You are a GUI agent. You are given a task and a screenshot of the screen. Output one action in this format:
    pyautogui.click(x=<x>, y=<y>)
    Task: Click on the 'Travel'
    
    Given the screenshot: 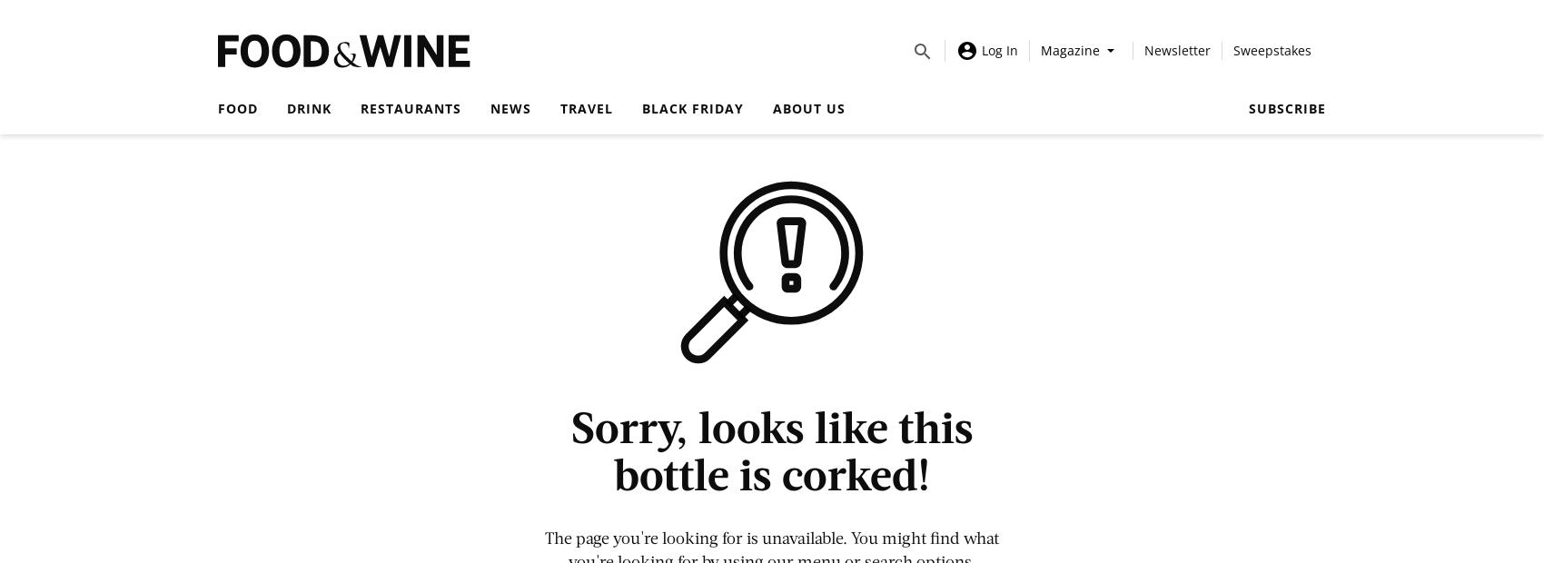 What is the action you would take?
    pyautogui.click(x=587, y=108)
    